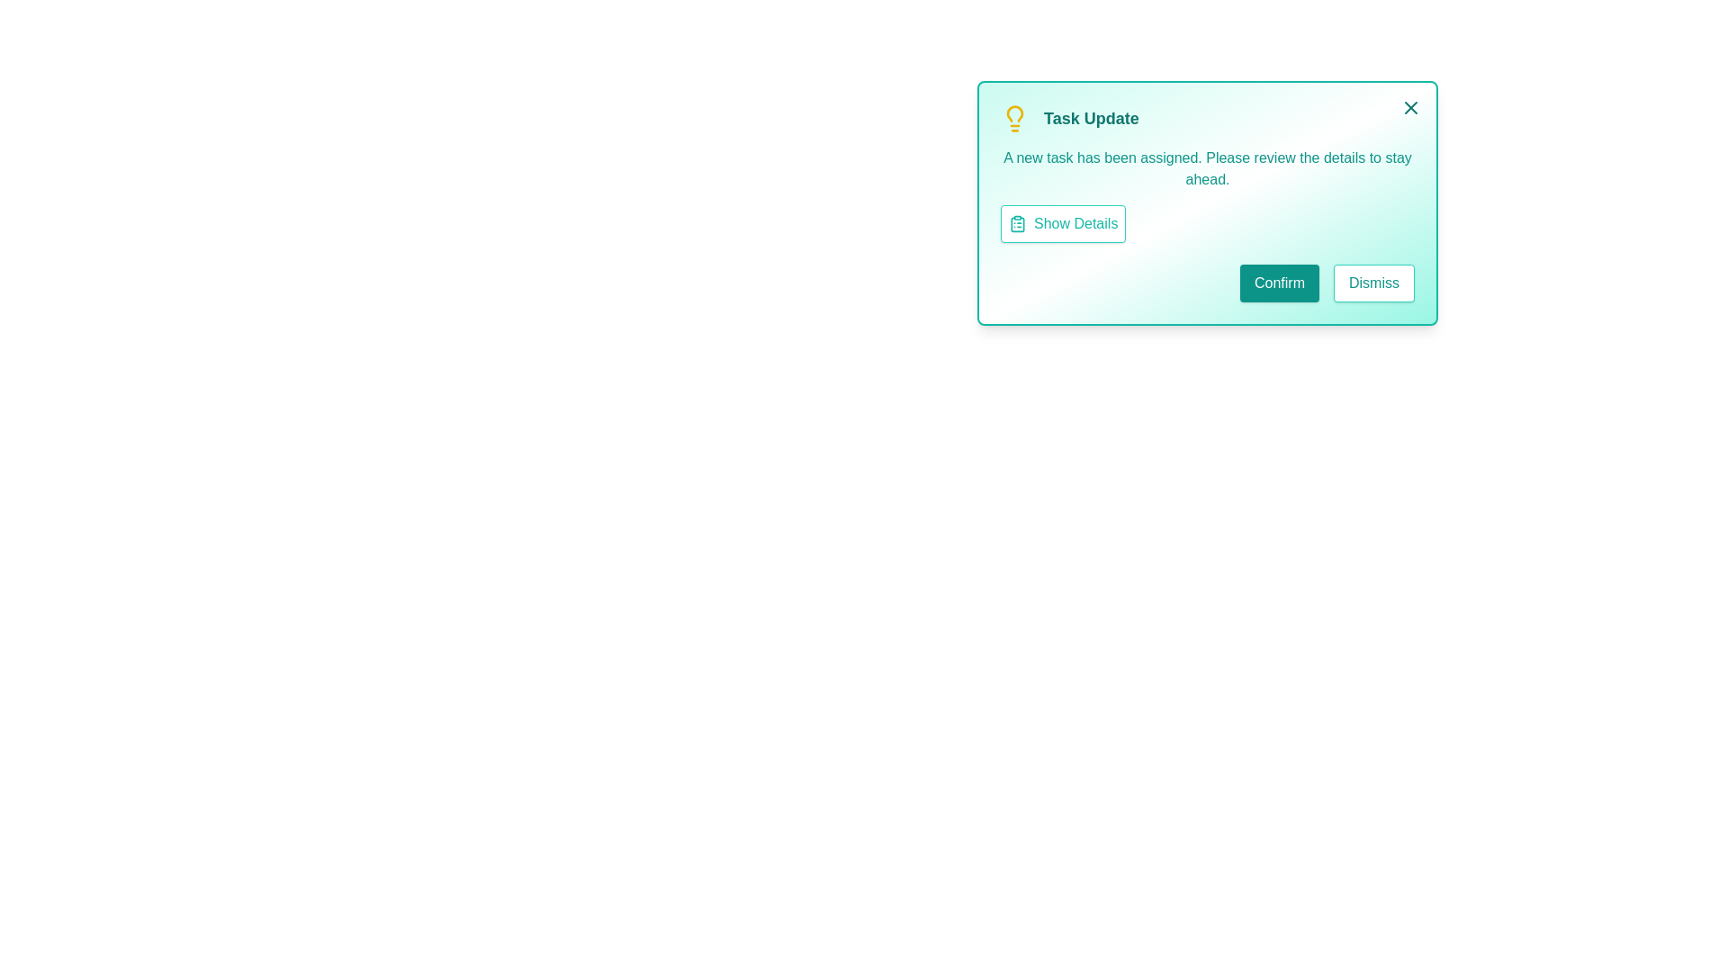 The image size is (1728, 972). Describe the element at coordinates (1063, 223) in the screenshot. I see `the 'Show Details' button to toggle the visibility of task details` at that location.